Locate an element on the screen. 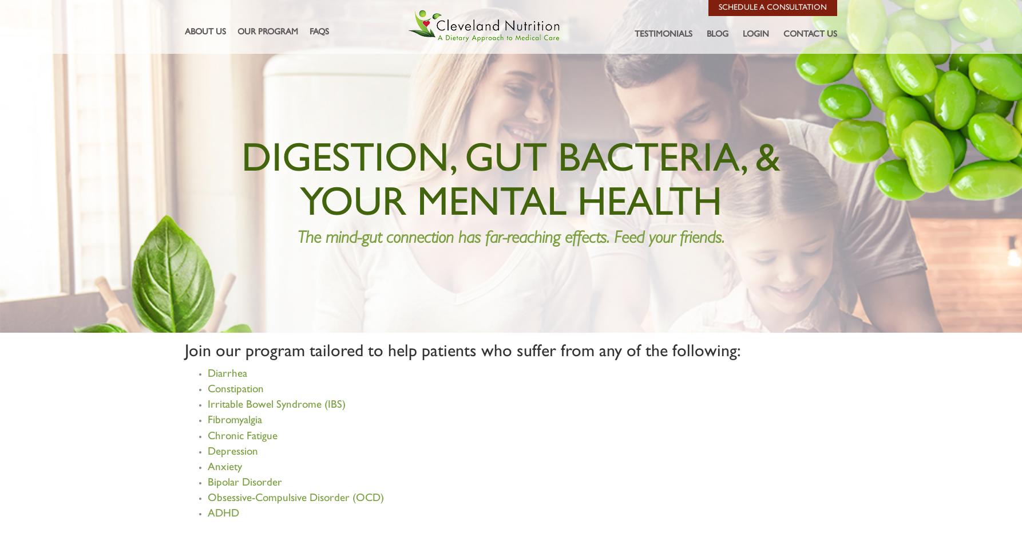  'Schedule a Consultation' is located at coordinates (718, 7).